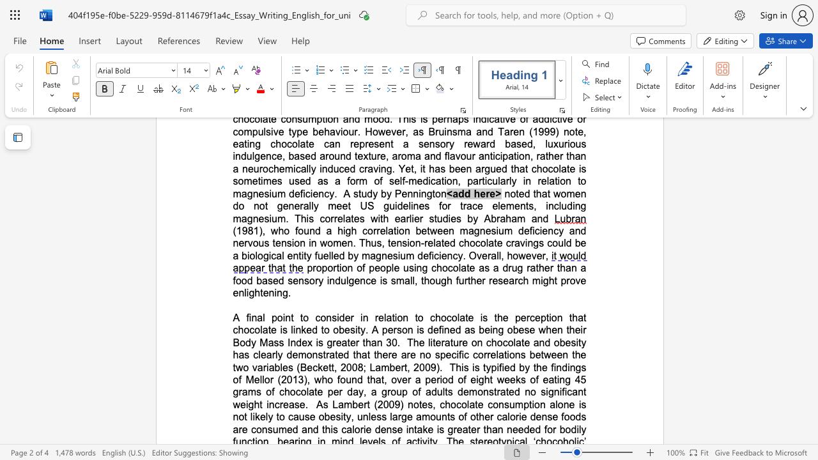  What do you see at coordinates (400, 367) in the screenshot?
I see `the subset text "rt, 2" within the text "that there are no specific correlations between the two variables (Beckett, 2008; Lambert, 2009)"` at bounding box center [400, 367].